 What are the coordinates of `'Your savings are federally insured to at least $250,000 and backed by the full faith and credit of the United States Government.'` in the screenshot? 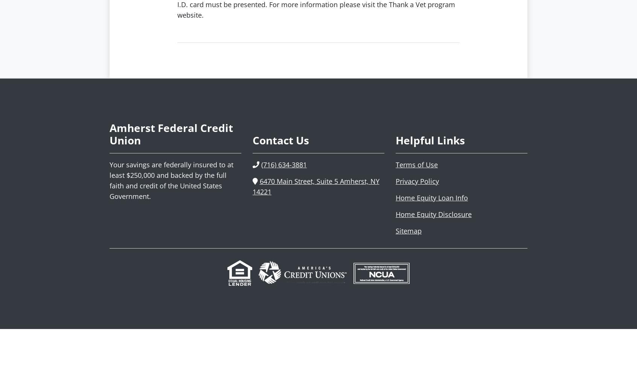 It's located at (171, 180).